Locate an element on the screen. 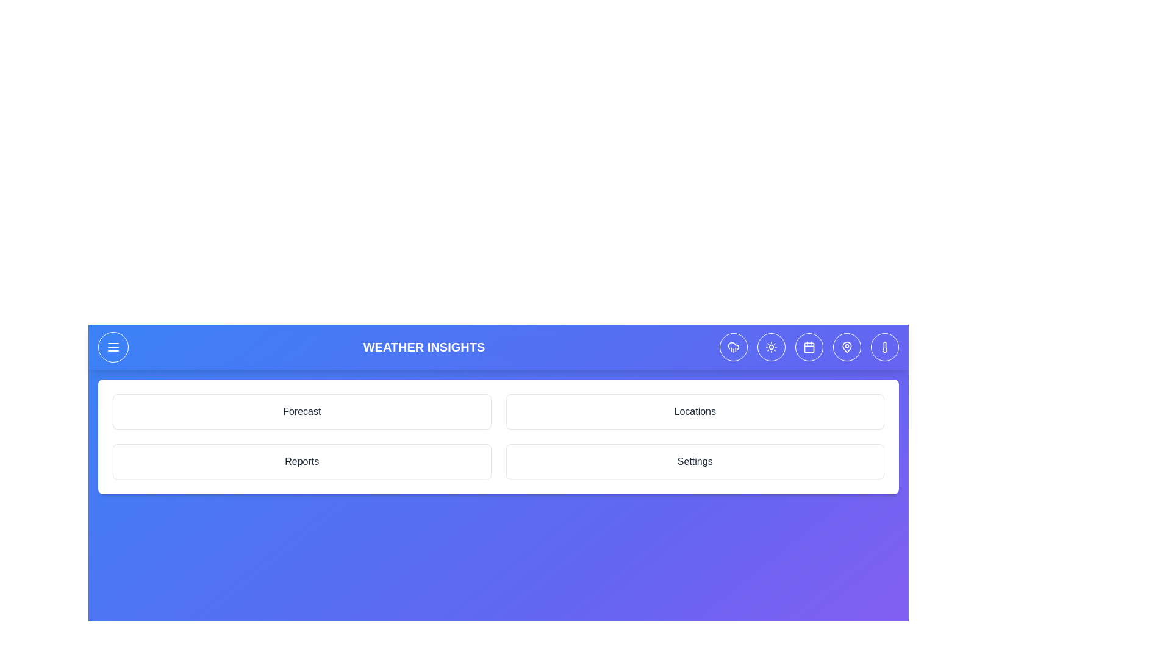 This screenshot has width=1171, height=658. the Reports navigation option is located at coordinates (302, 462).